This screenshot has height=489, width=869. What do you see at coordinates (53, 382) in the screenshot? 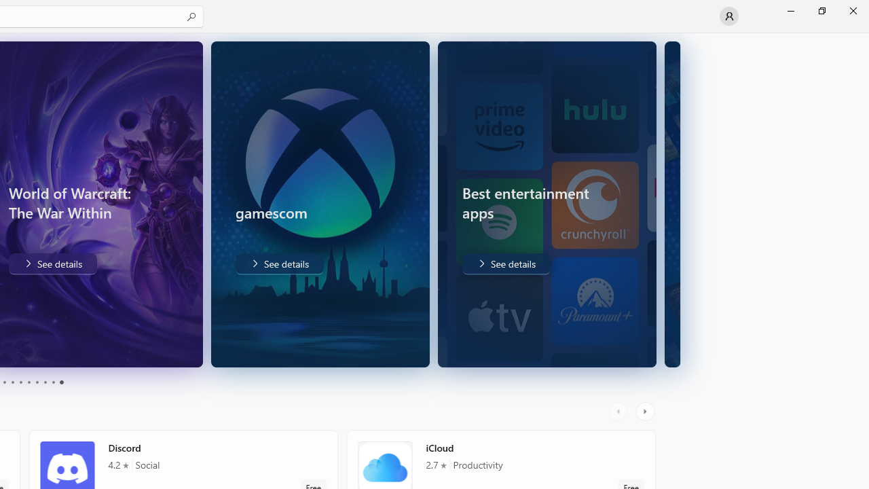
I see `'Page 9'` at bounding box center [53, 382].